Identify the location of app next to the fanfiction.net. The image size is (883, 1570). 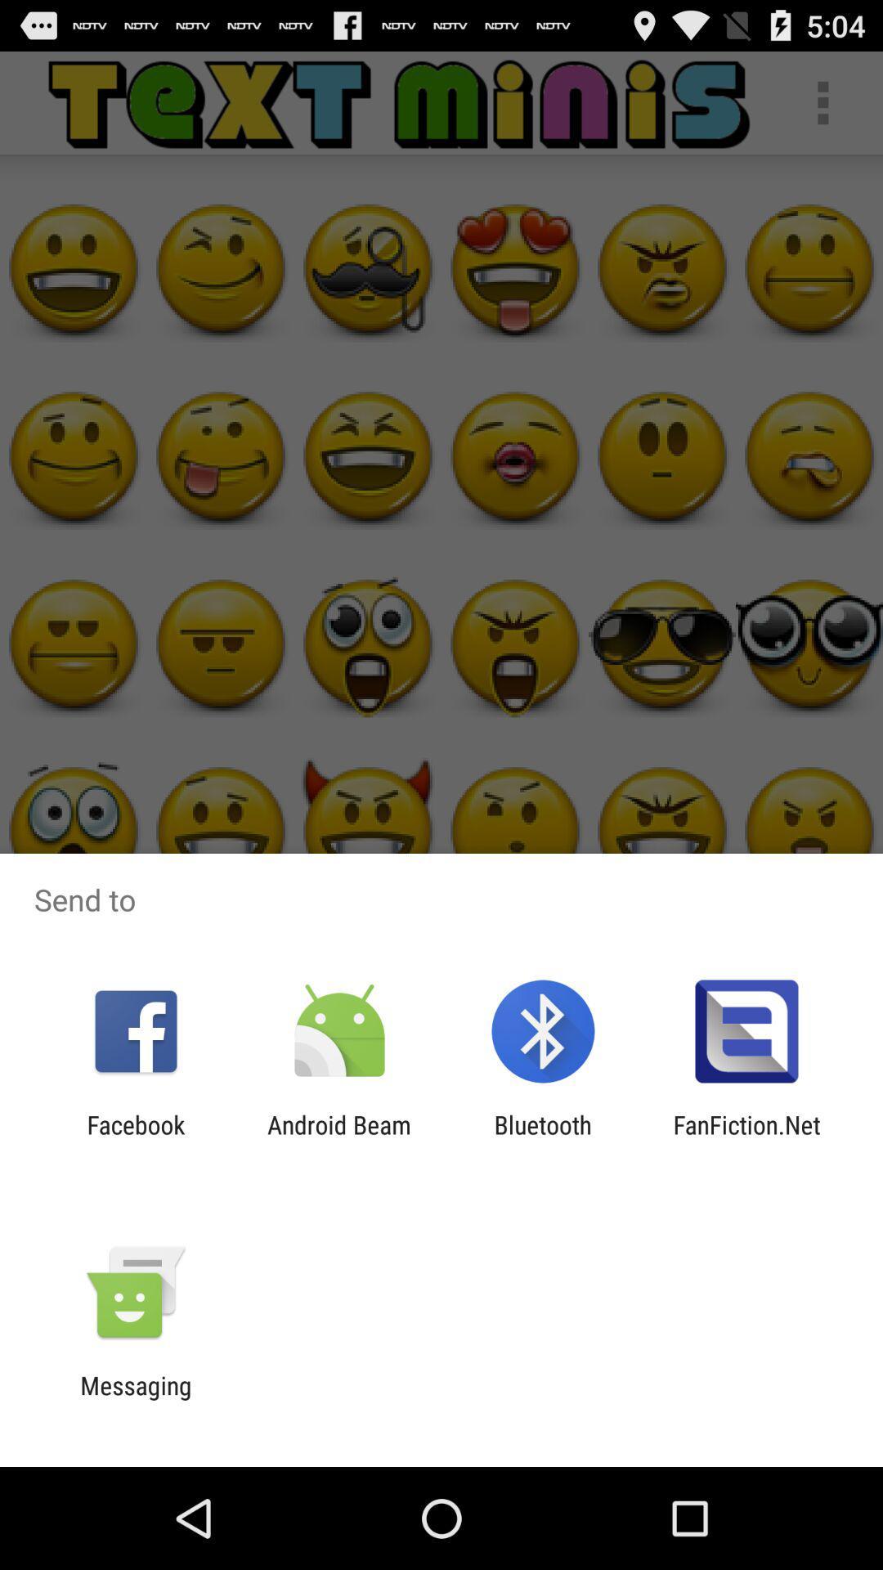
(543, 1138).